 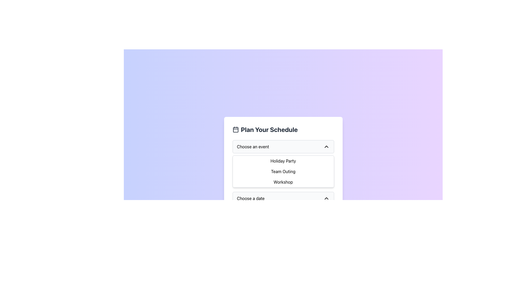 I want to click on the 'Workshop' dropdown menu item, which is the last item in the dropdown list below 'Holiday Party' and 'Team Outing', to trigger any hover effects, so click(x=283, y=182).